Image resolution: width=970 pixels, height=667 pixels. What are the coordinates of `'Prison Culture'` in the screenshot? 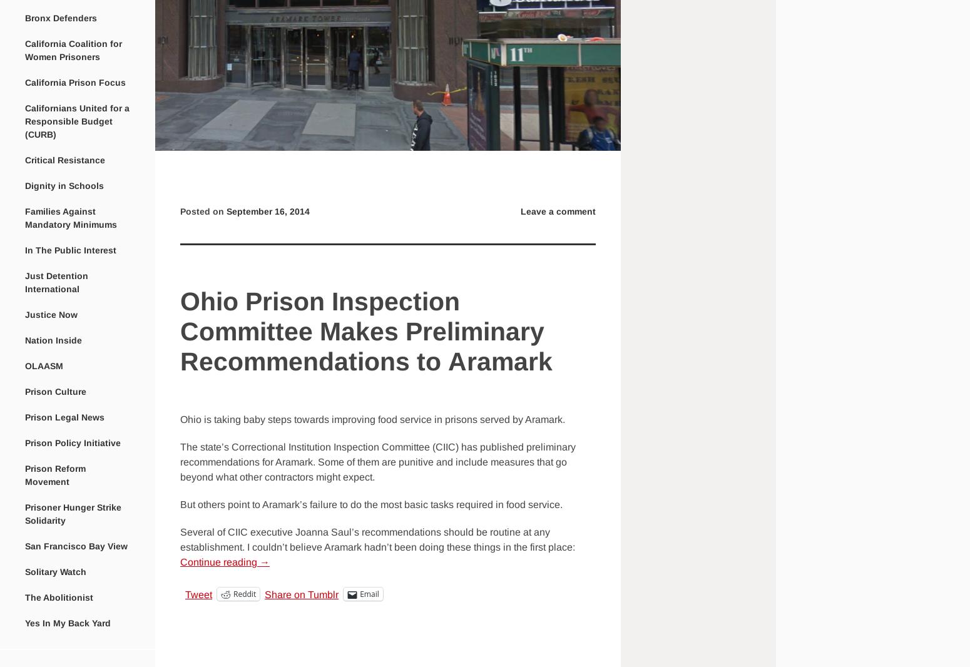 It's located at (24, 390).